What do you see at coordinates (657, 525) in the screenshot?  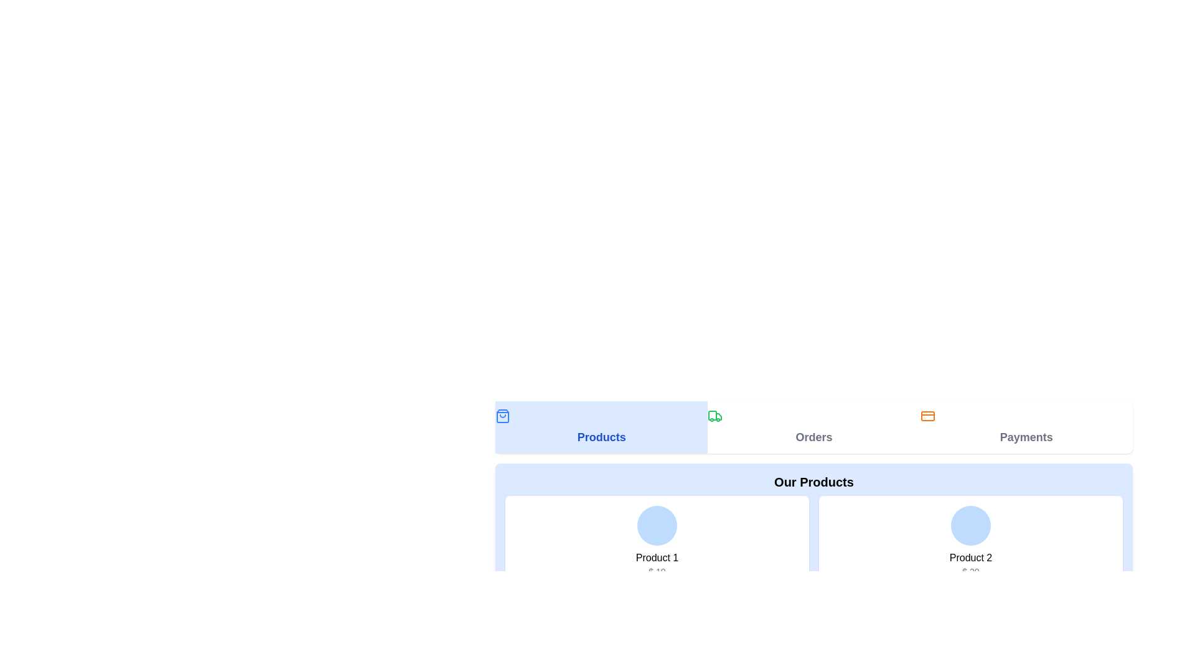 I see `the circular visual decorator with a light blue background` at bounding box center [657, 525].